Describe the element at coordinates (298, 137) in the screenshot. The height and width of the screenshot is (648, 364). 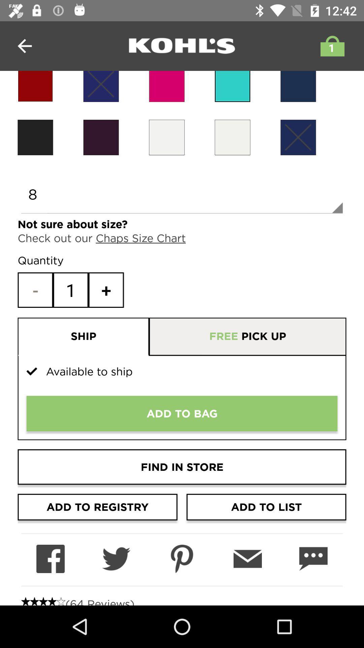
I see `chose color` at that location.